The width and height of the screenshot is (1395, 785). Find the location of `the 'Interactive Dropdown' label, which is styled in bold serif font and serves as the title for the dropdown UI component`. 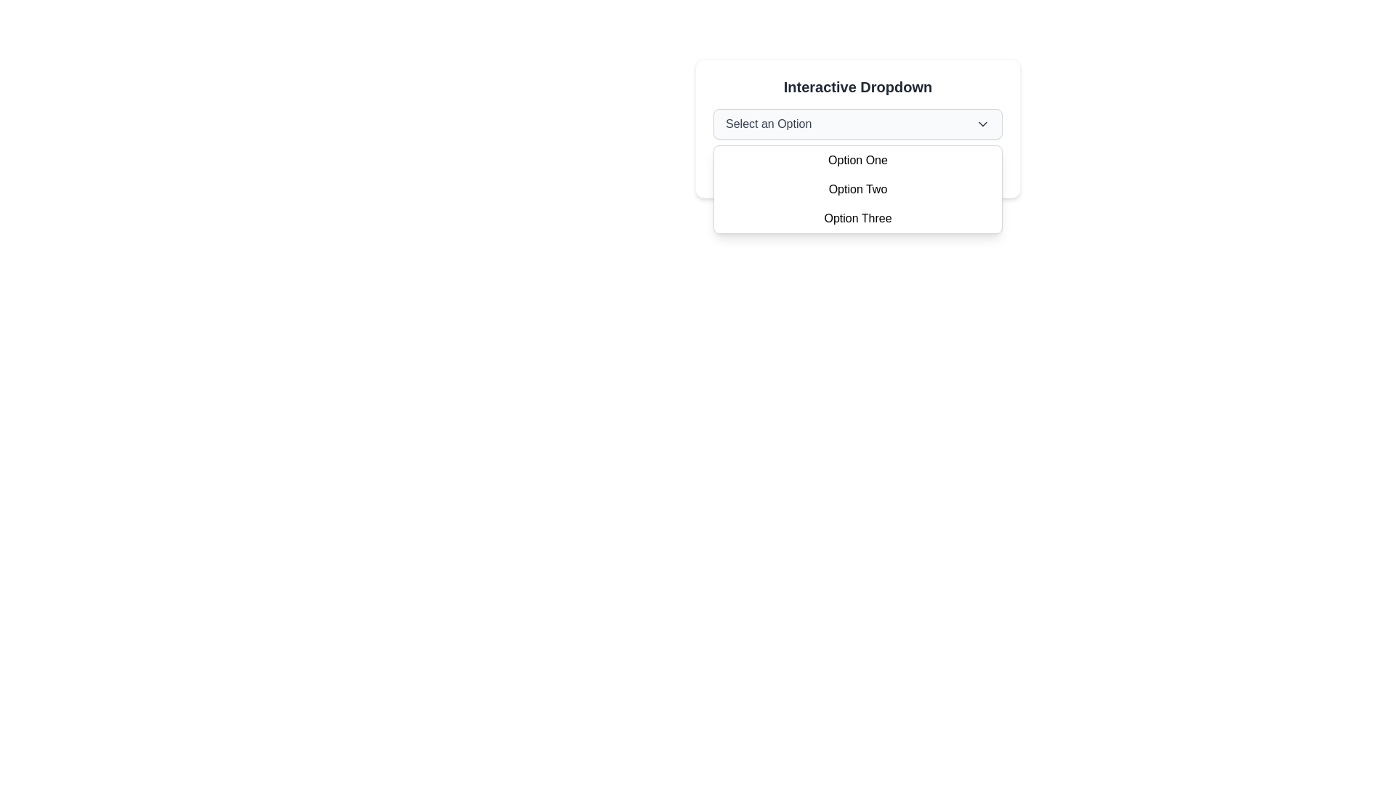

the 'Interactive Dropdown' label, which is styled in bold serif font and serves as the title for the dropdown UI component is located at coordinates (857, 86).